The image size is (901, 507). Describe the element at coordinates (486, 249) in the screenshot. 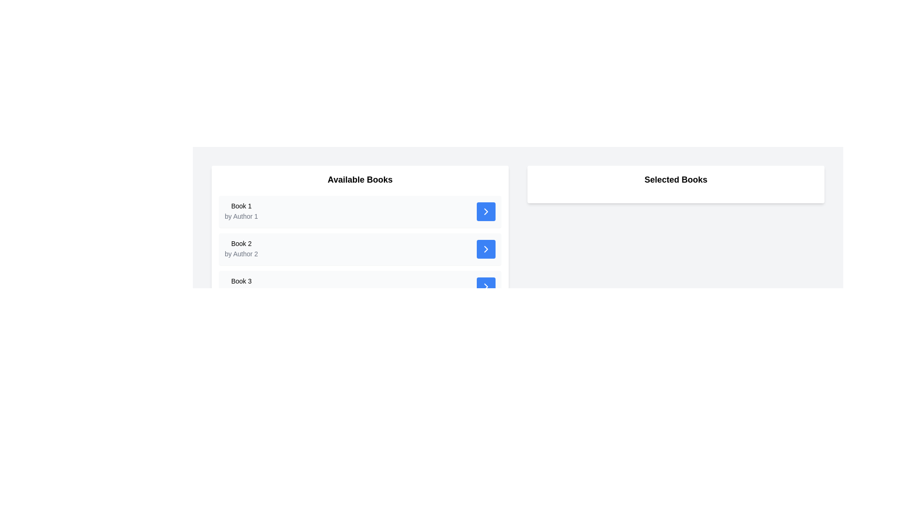

I see `the icon within the blue square button in the third row of the 'Available Books' section` at that location.